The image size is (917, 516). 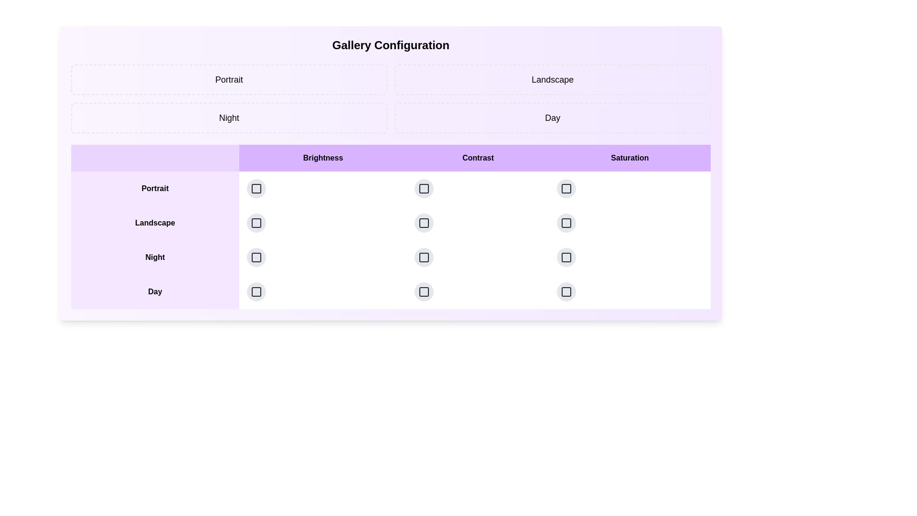 I want to click on the button located in the 'Saturation' column and 'Day' row for extended functionality, so click(x=566, y=223).